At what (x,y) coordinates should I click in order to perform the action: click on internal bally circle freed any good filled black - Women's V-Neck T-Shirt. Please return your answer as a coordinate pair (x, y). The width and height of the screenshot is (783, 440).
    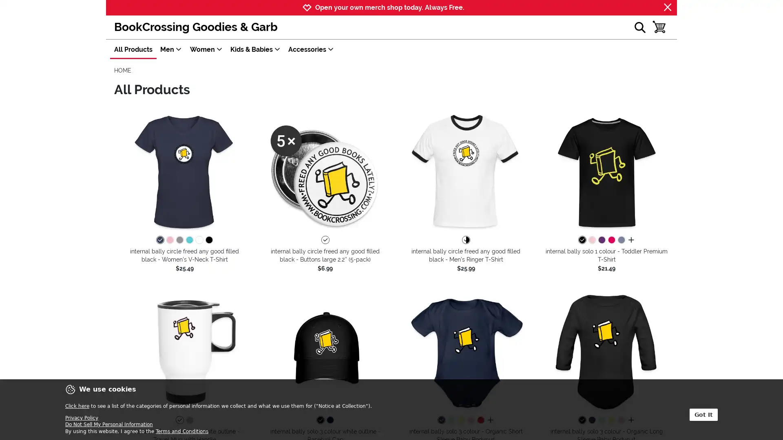
    Looking at the image, I should click on (184, 171).